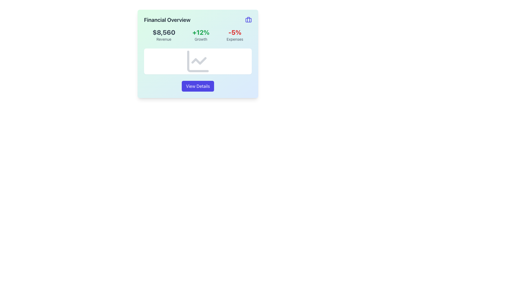 This screenshot has height=291, width=517. I want to click on the button located at the bottom center of the card-like component summarizing financial details, so click(197, 86).